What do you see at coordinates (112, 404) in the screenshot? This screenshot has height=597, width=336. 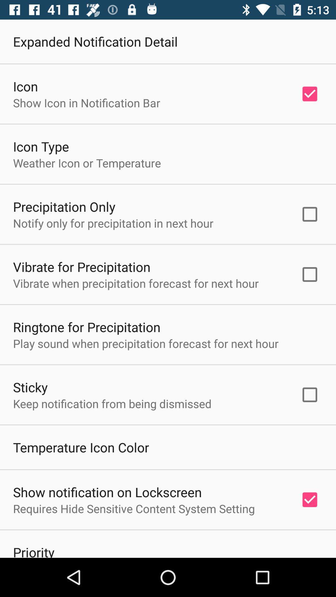 I see `the icon below the sticky icon` at bounding box center [112, 404].